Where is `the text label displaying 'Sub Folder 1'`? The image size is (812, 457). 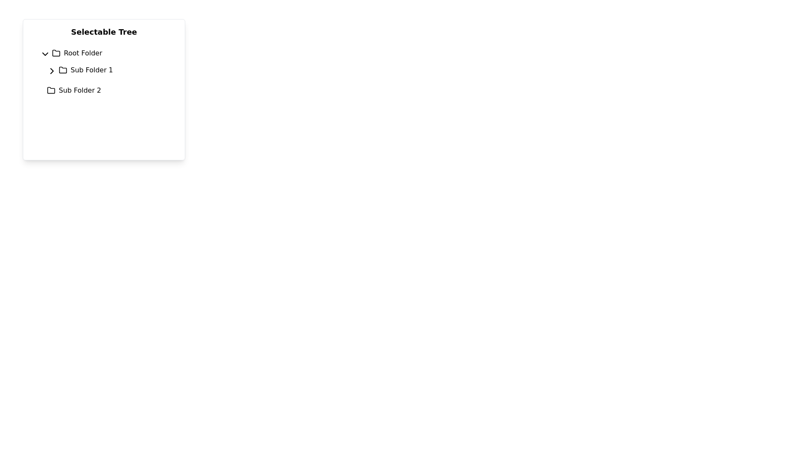 the text label displaying 'Sub Folder 1' is located at coordinates (92, 69).